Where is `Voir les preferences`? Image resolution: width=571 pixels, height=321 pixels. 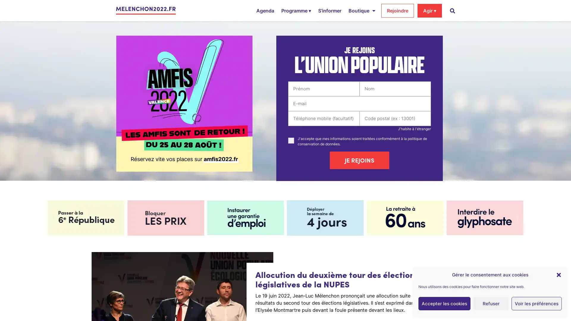
Voir les preferences is located at coordinates (537, 303).